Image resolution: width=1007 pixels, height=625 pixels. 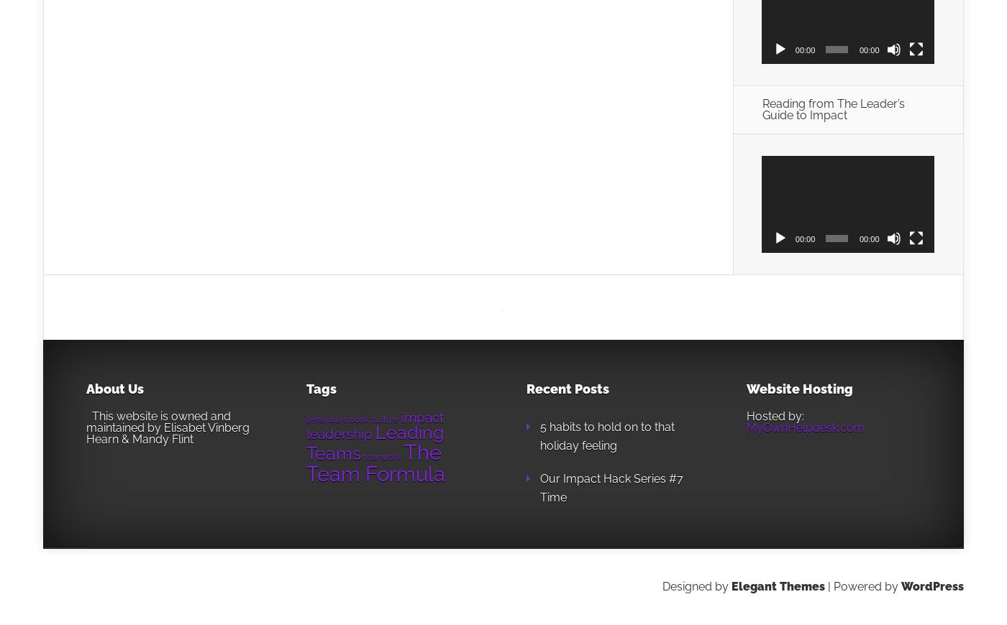 I want to click on 'Recent Posts', so click(x=568, y=387).